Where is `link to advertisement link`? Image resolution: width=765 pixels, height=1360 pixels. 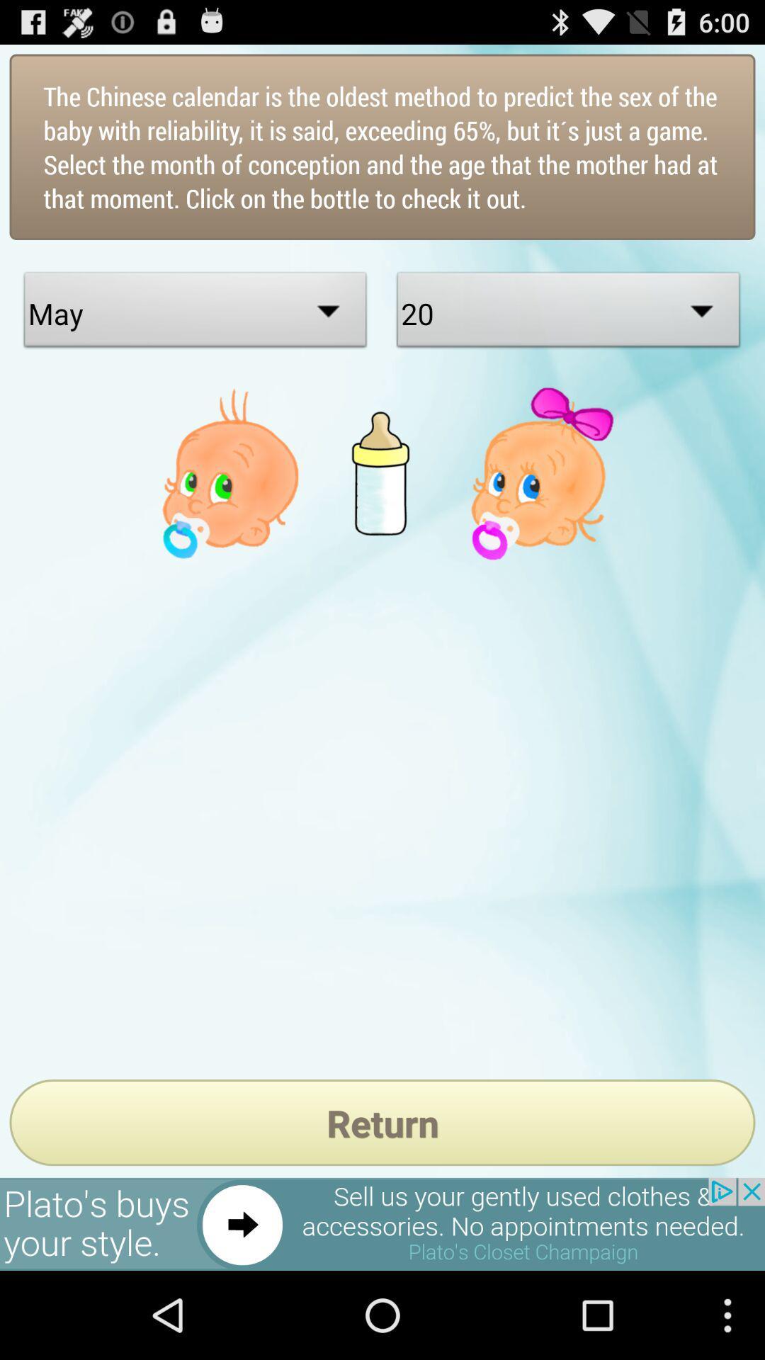
link to advertisement link is located at coordinates (382, 1223).